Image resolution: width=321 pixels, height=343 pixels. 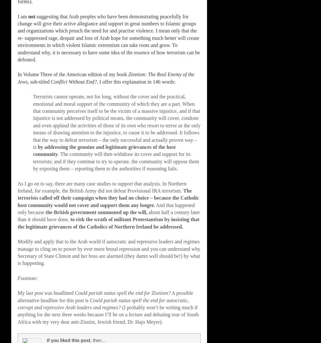 What do you see at coordinates (31, 16) in the screenshot?
I see `'not'` at bounding box center [31, 16].